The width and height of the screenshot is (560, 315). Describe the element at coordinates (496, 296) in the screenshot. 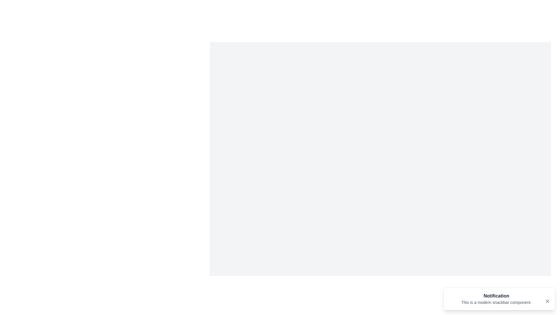

I see `title text of the notification message located at the bottom-right corner of the interface, which serves as the heading and draws attention to the content` at that location.